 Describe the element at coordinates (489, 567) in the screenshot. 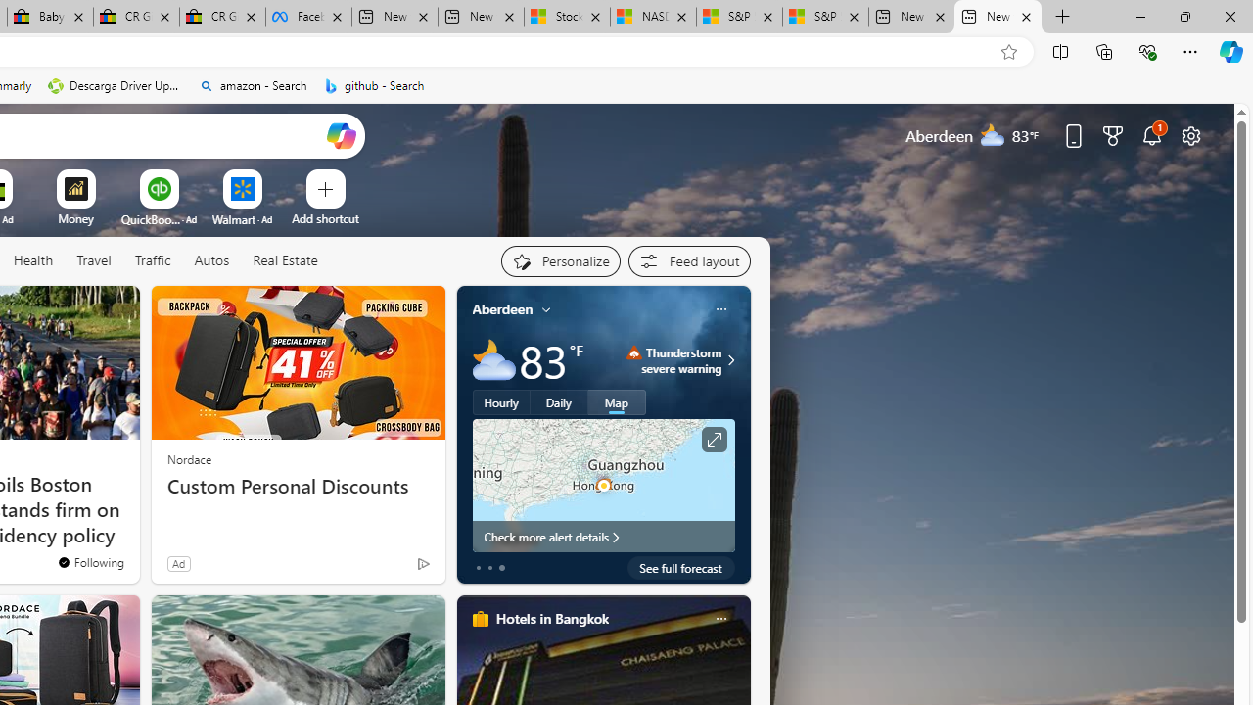

I see `'tab-1'` at that location.